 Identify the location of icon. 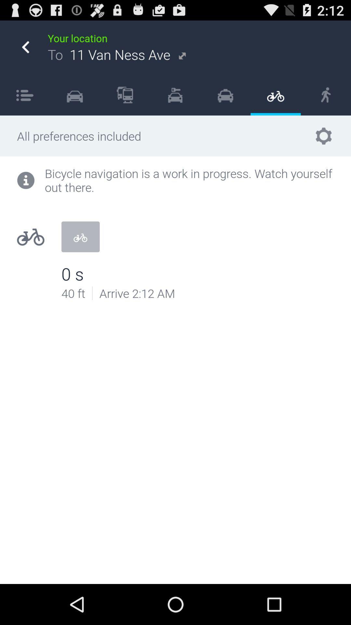
(24, 94).